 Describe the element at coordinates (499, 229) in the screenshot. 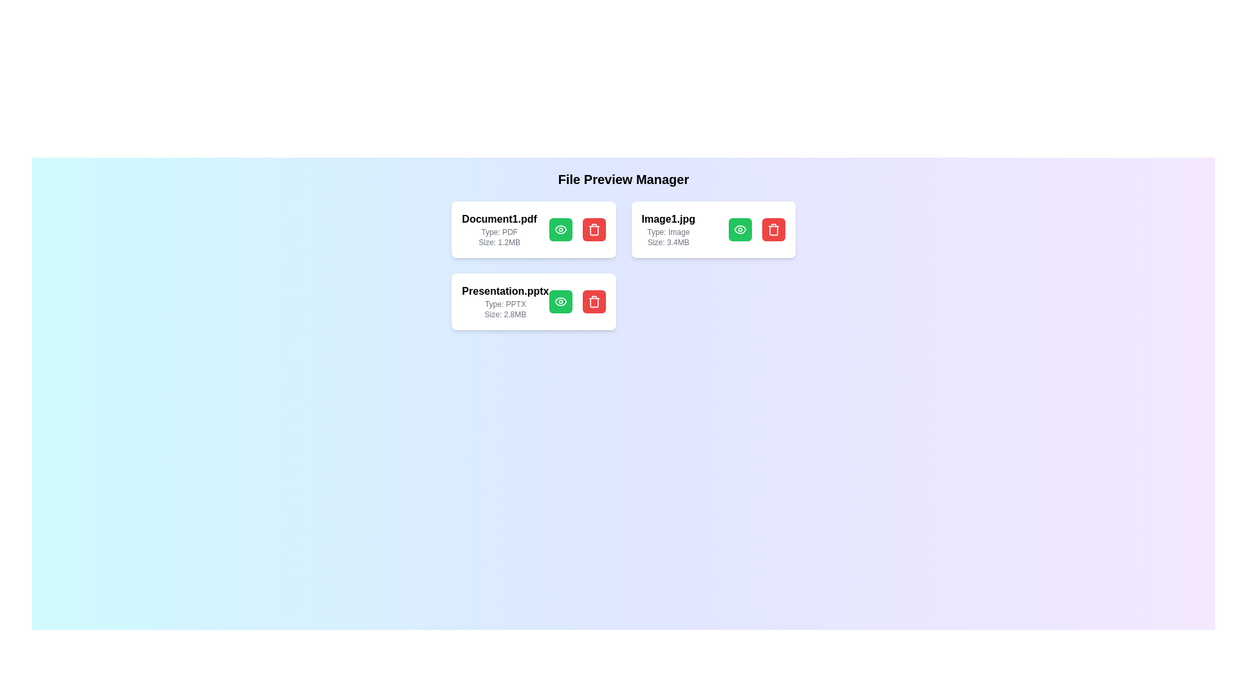

I see `the informational text block displaying 'Document1.pdf', which includes details about the document type and size` at that location.